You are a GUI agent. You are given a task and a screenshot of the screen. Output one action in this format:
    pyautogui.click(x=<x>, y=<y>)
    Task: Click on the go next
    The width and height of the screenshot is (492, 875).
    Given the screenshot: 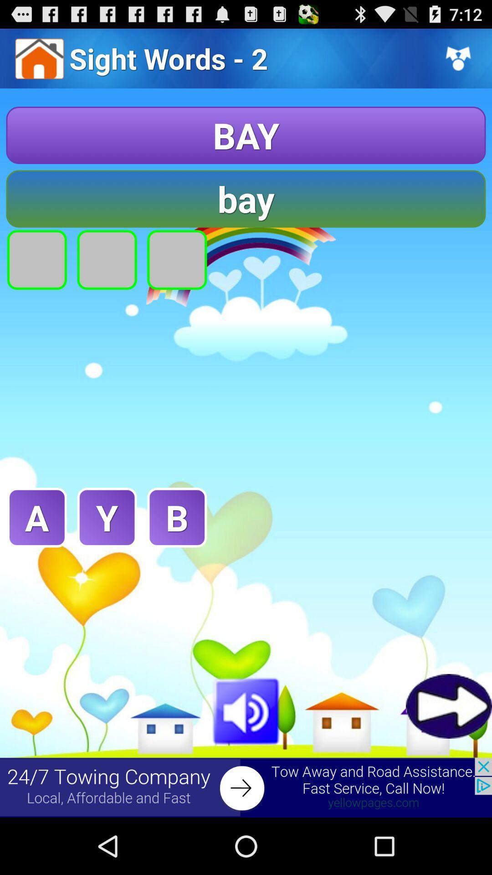 What is the action you would take?
    pyautogui.click(x=448, y=705)
    